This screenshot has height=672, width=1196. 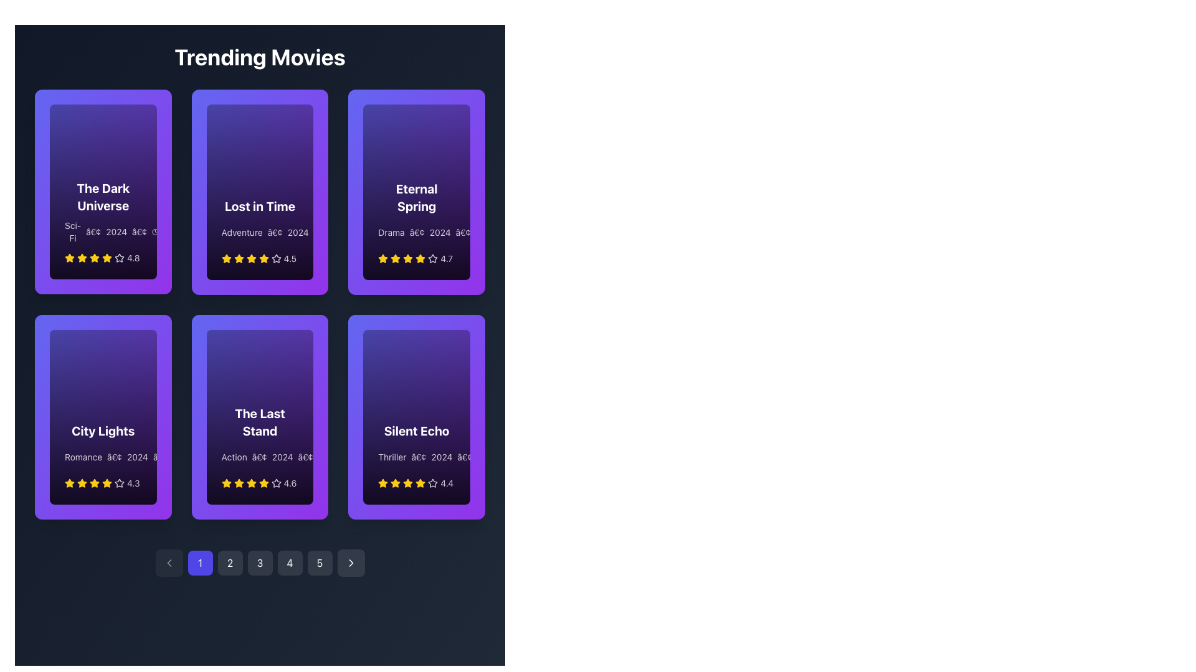 What do you see at coordinates (69, 258) in the screenshot?
I see `the star icon located under the movie 'The Dark Universe', which is the first star in a row of rating stars` at bounding box center [69, 258].